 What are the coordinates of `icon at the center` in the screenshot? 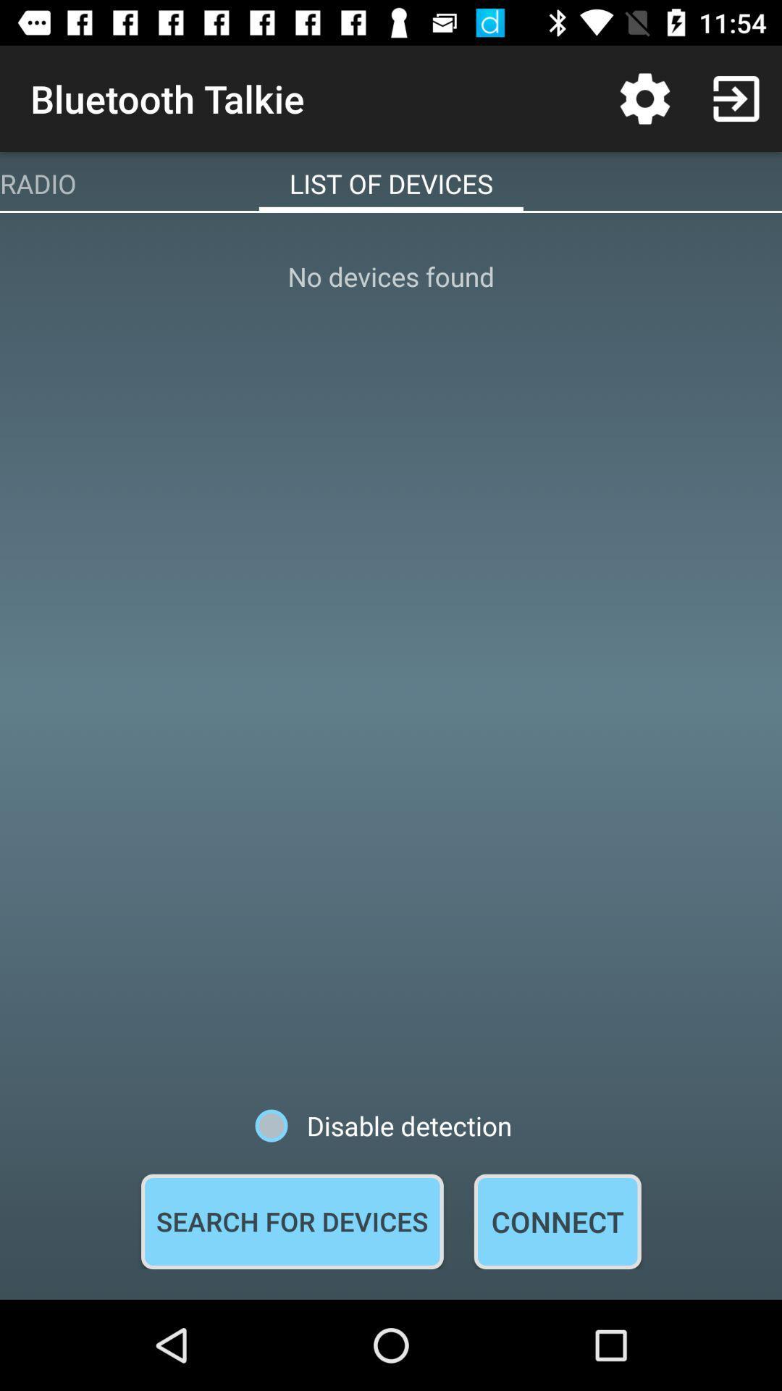 It's located at (391, 659).